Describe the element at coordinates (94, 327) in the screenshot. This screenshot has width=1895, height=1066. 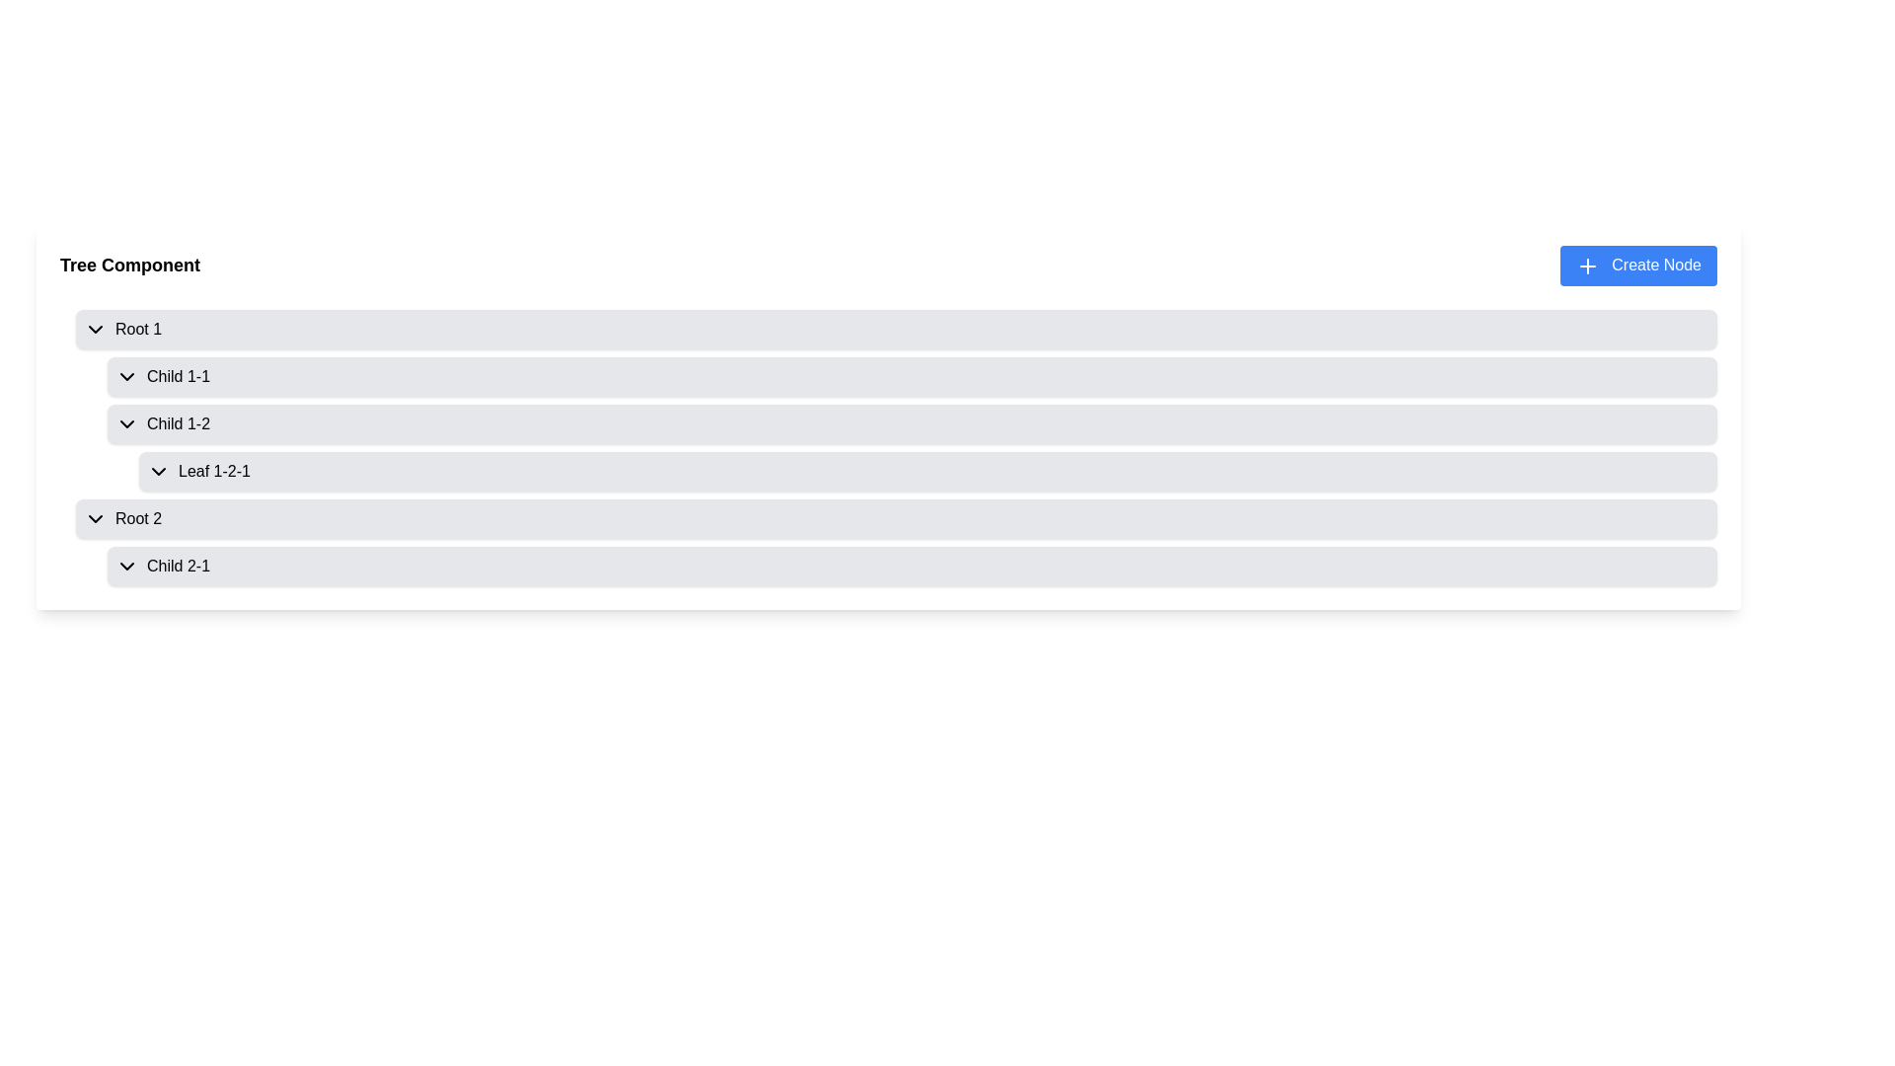
I see `the icon located at the top-left of the interface, which serves as a control for expanding the nested tree structure associated with 'Root 1'` at that location.